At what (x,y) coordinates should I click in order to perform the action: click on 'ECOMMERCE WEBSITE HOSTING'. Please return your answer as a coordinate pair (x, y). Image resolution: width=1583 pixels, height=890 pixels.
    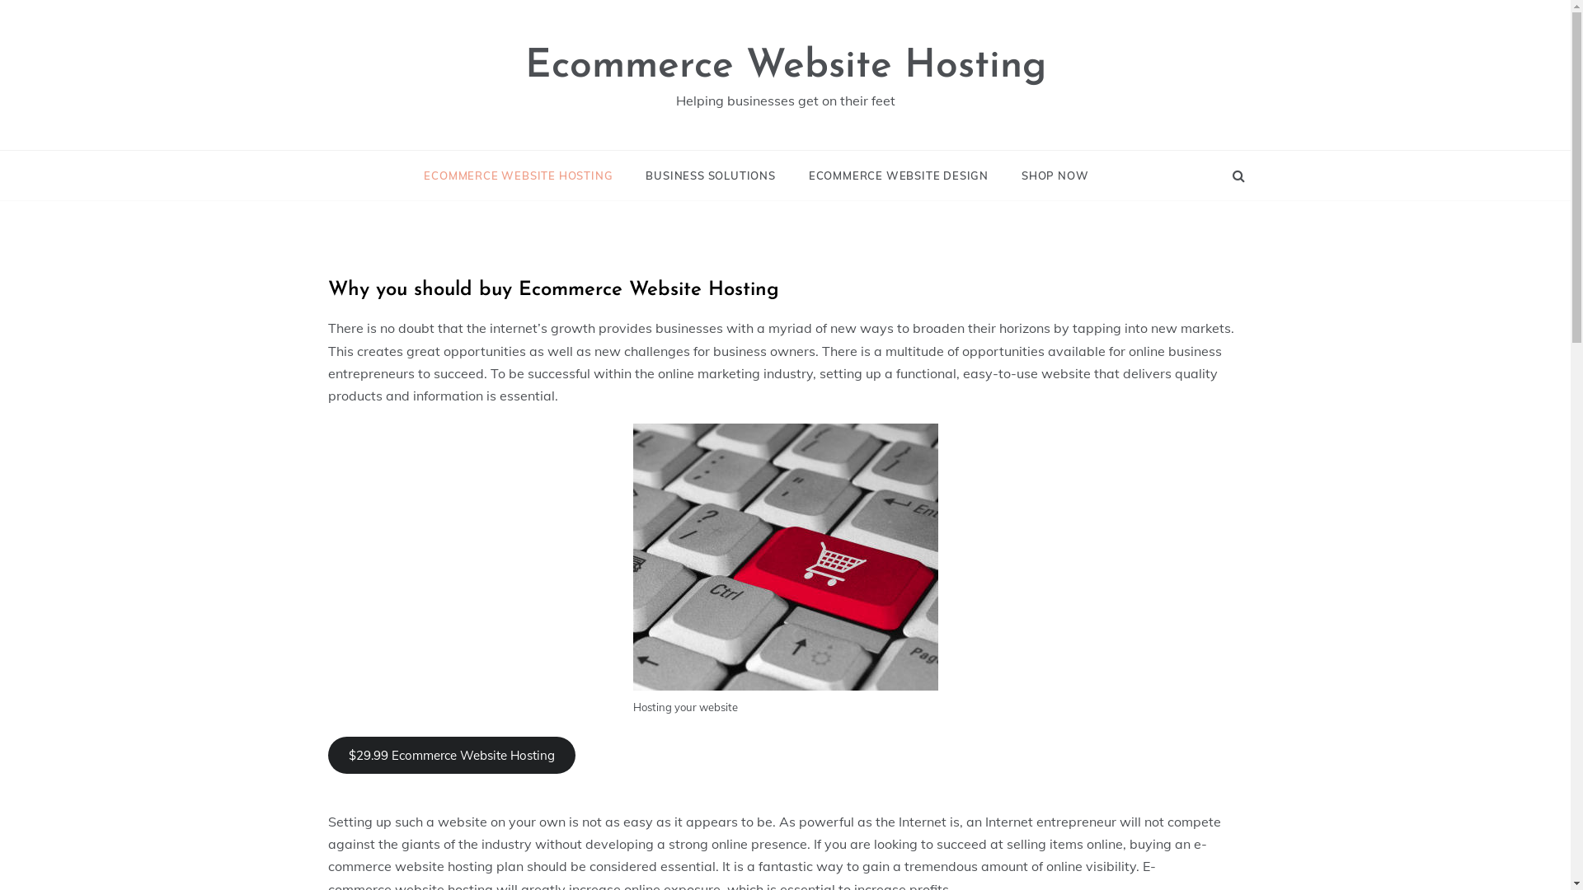
    Looking at the image, I should click on (423, 175).